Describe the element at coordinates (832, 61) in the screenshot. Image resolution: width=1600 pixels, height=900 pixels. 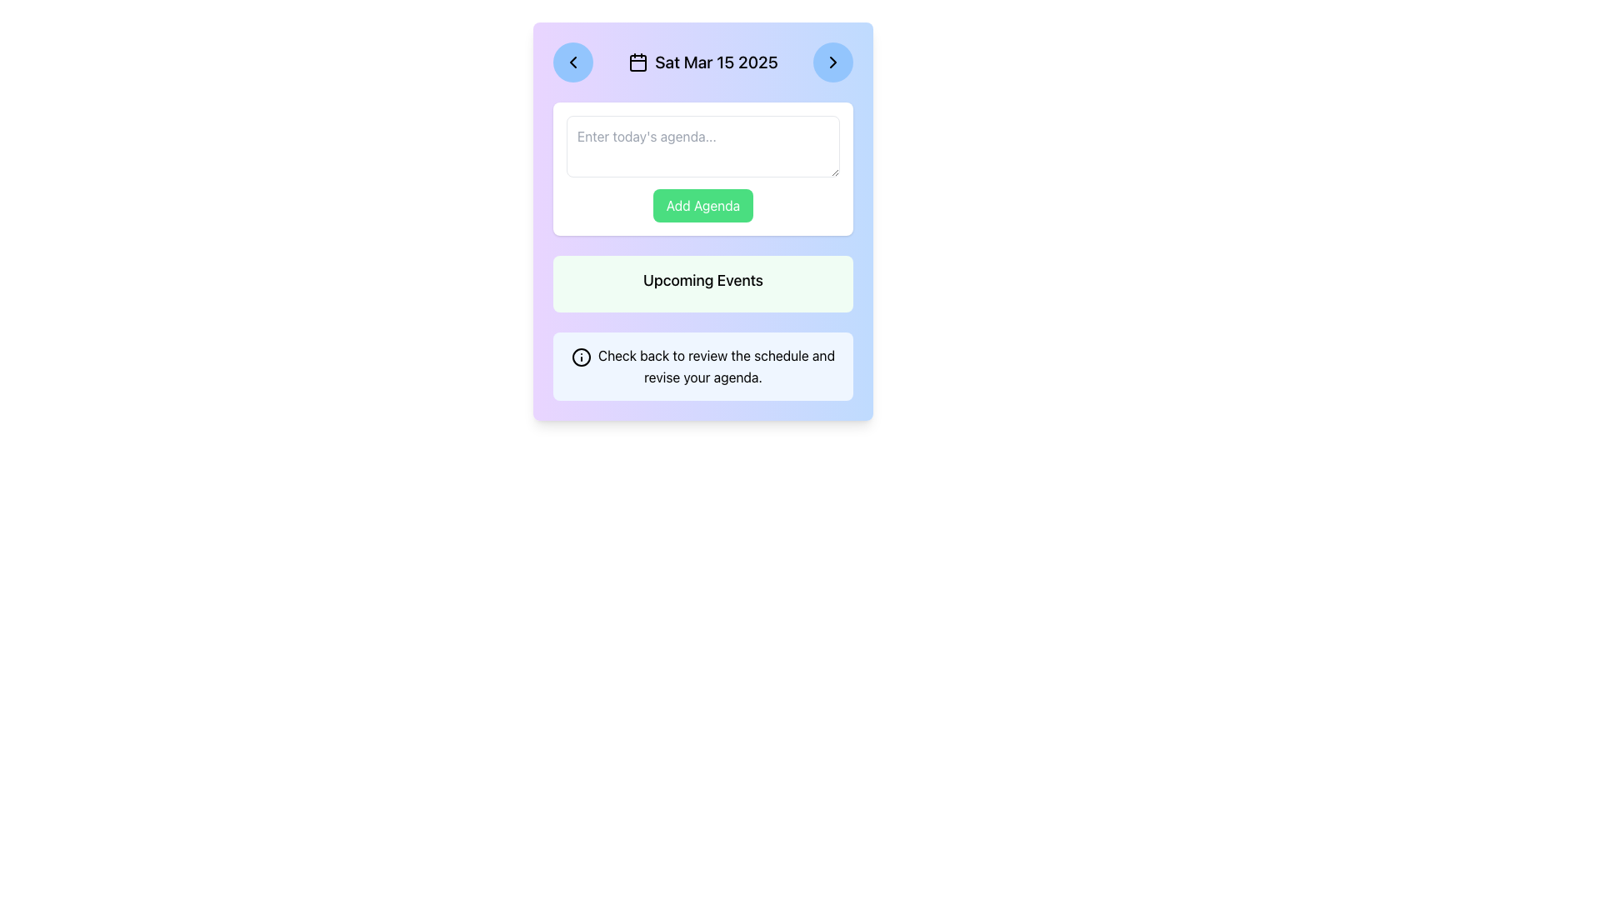
I see `the arrow-like icon pointing to the right, which is located in the center of a blue circular button in the top-right corner of the card interface` at that location.